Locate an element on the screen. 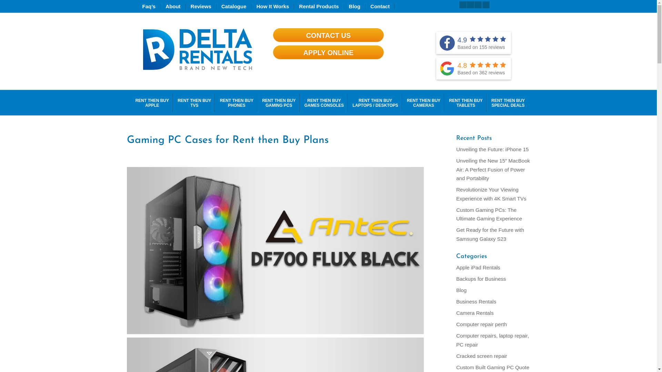 This screenshot has width=662, height=372. 'Backups for Business' is located at coordinates (481, 278).